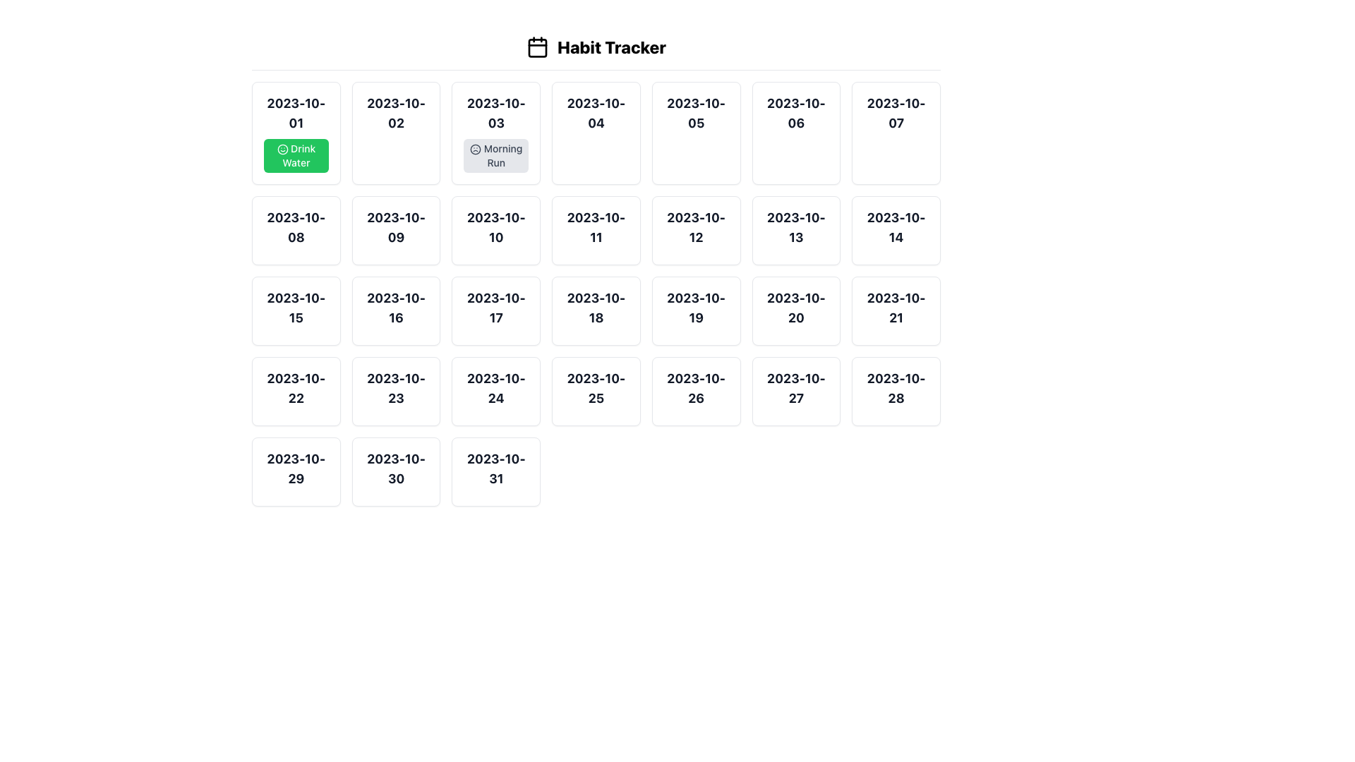 The height and width of the screenshot is (762, 1355). I want to click on the small circular smiley face icon located inside the green 'Drink Water' button positioned under the date '2023-10-01' in the calendar grid, so click(282, 150).